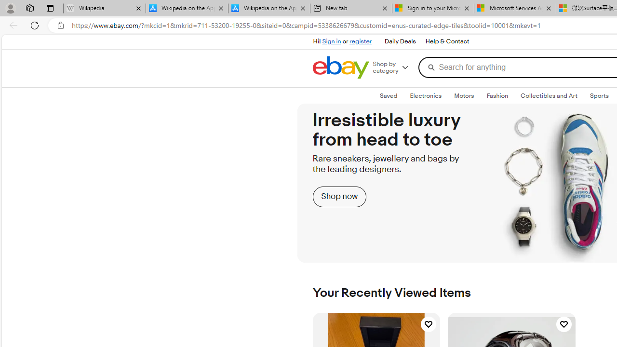 This screenshot has width=617, height=347. Describe the element at coordinates (447, 41) in the screenshot. I see `'Help & Contact'` at that location.